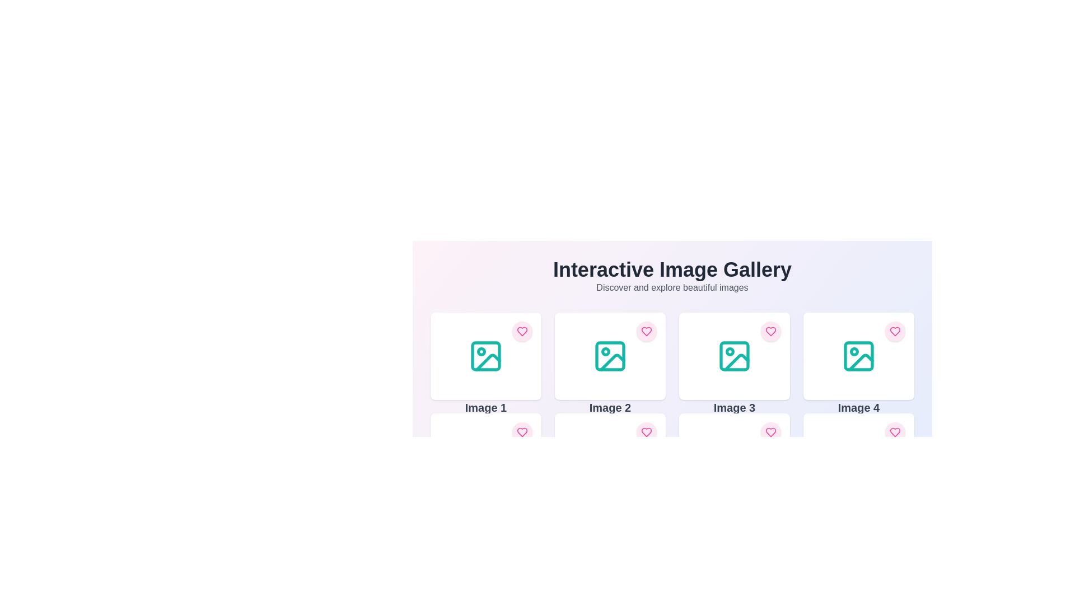  What do you see at coordinates (858, 356) in the screenshot?
I see `the image placeholder icon located in the fourth position of the image gallery` at bounding box center [858, 356].